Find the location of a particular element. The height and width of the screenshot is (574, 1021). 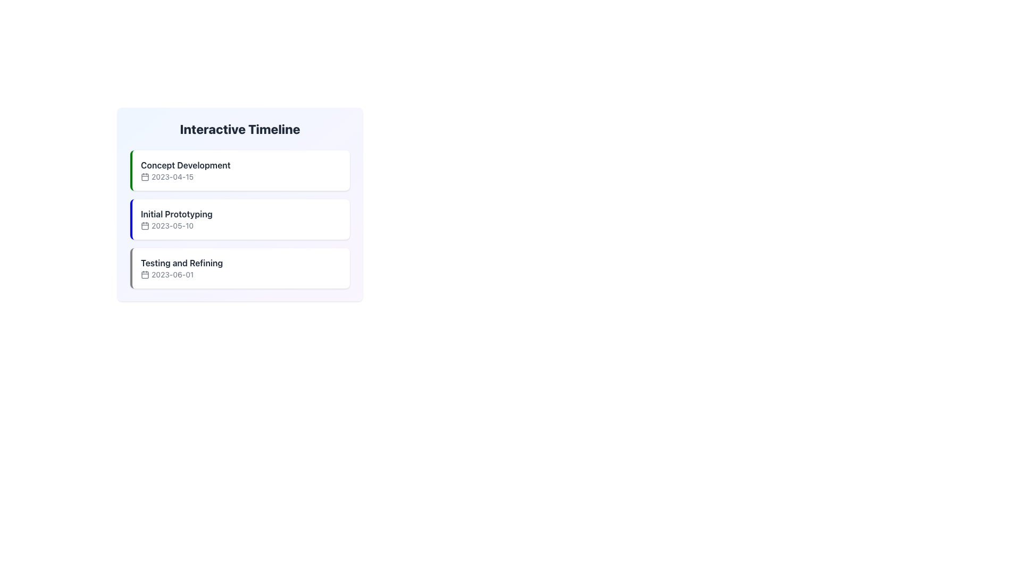

the calendar icon located to the left of the text '2023-05-10' in the second row of the vertical list under the 'Interactive Timeline' section is located at coordinates (145, 225).